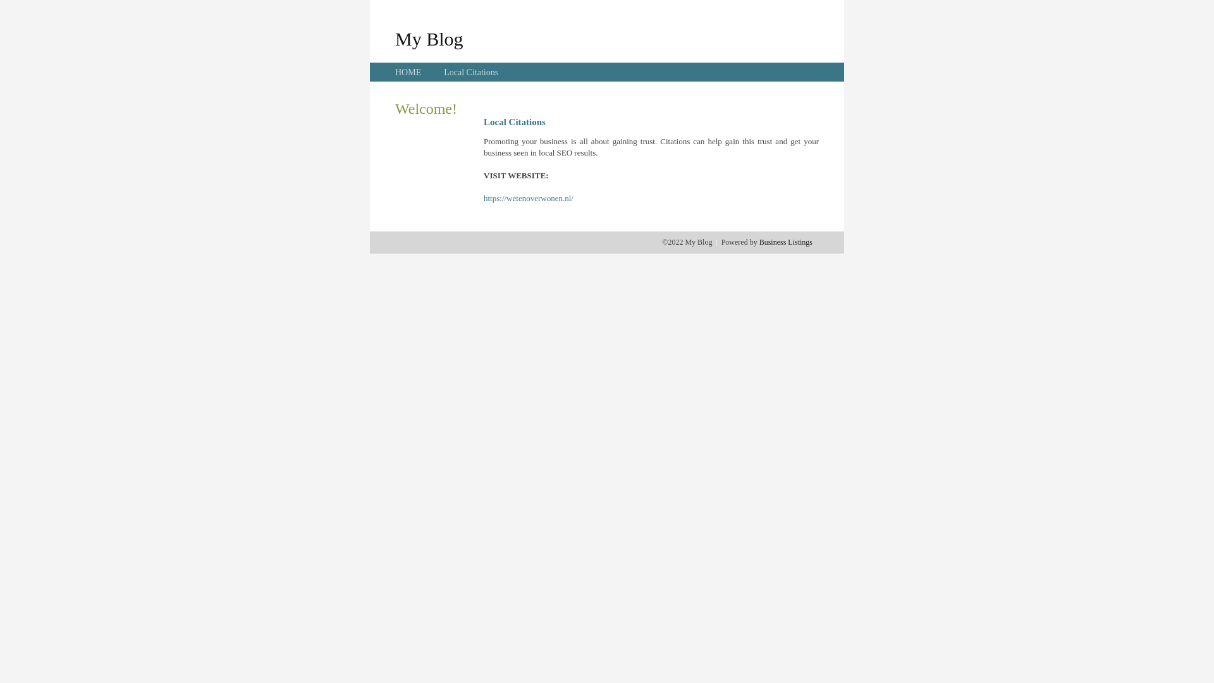 The image size is (1214, 683). I want to click on 'My Blog', so click(429, 38).